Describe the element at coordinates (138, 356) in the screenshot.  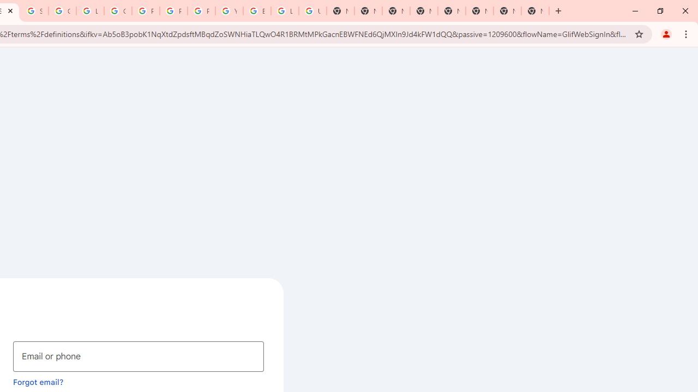
I see `'Email or phone'` at that location.